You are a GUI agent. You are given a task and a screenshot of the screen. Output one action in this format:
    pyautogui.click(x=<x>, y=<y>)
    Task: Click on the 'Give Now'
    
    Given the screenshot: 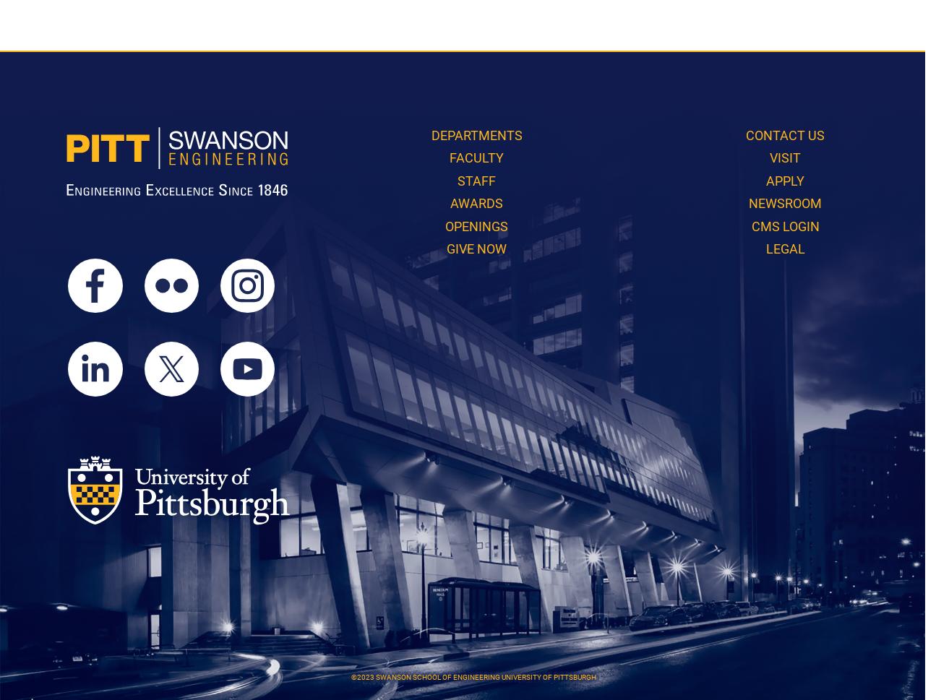 What is the action you would take?
    pyautogui.click(x=476, y=248)
    